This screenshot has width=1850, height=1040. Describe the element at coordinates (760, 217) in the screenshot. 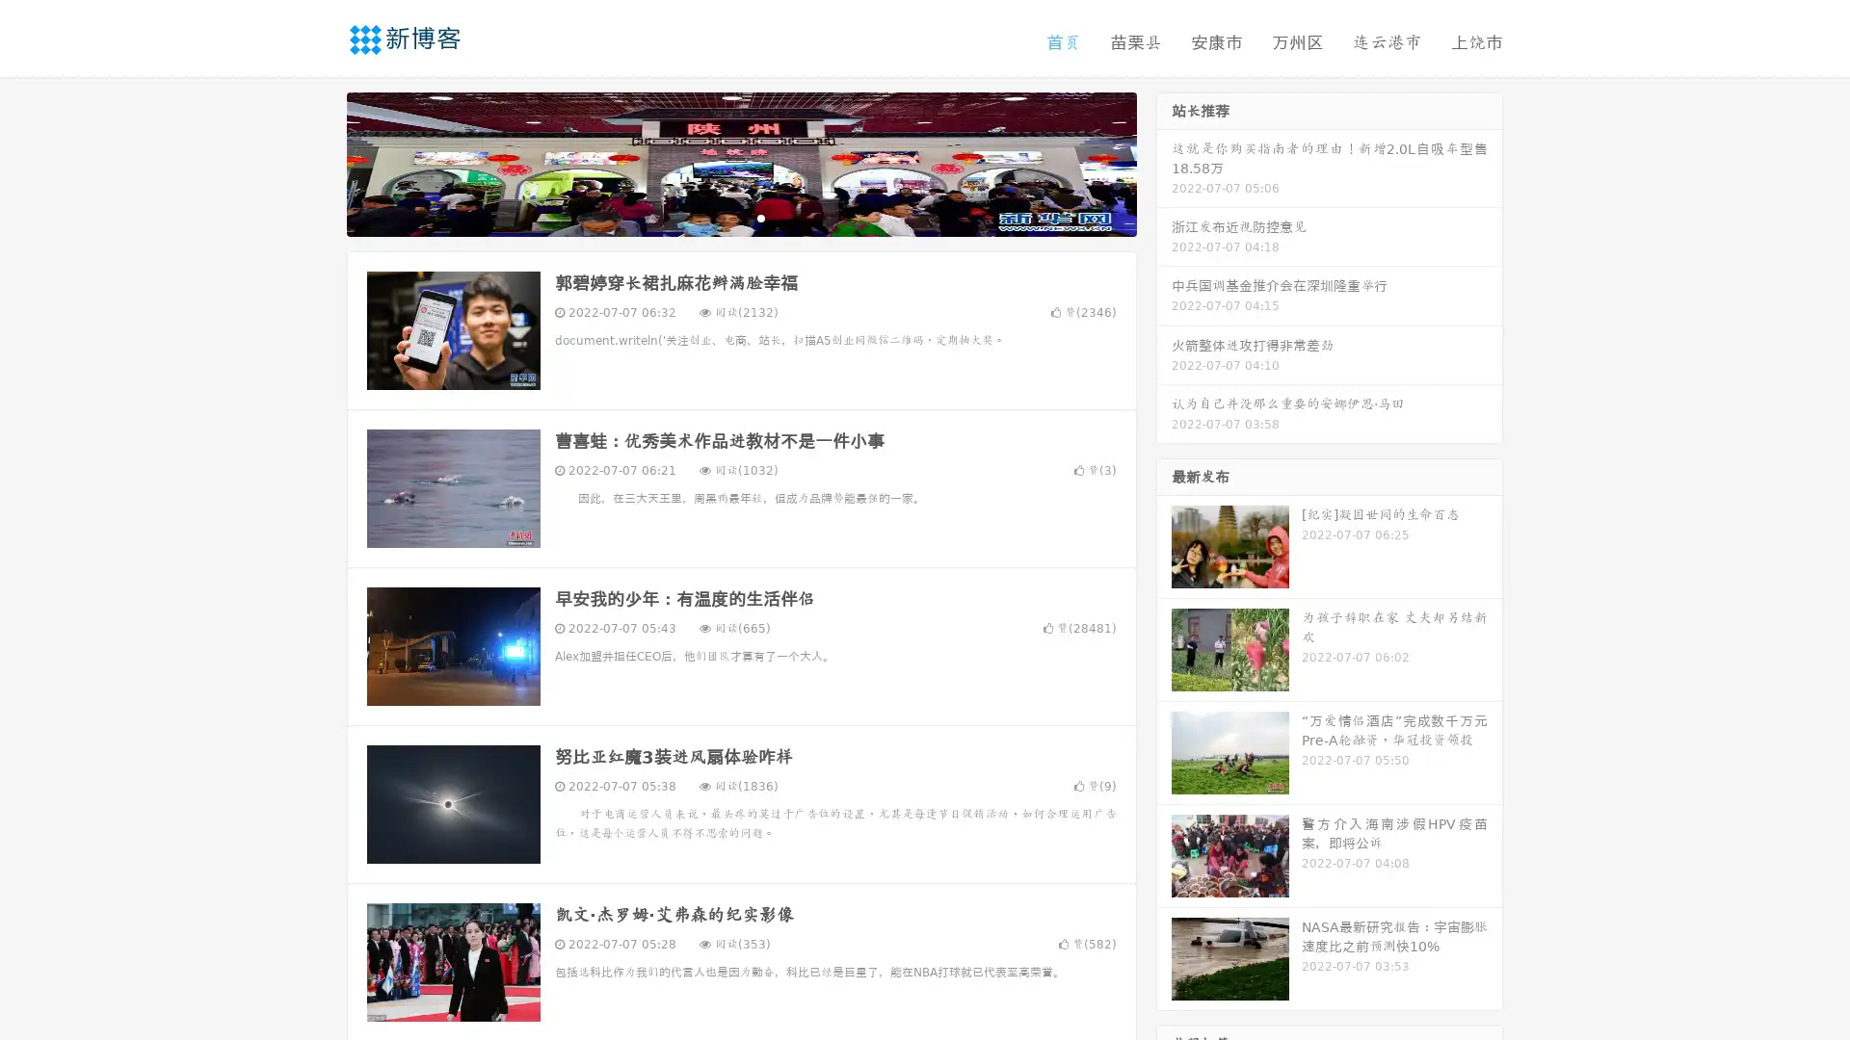

I see `Go to slide 3` at that location.